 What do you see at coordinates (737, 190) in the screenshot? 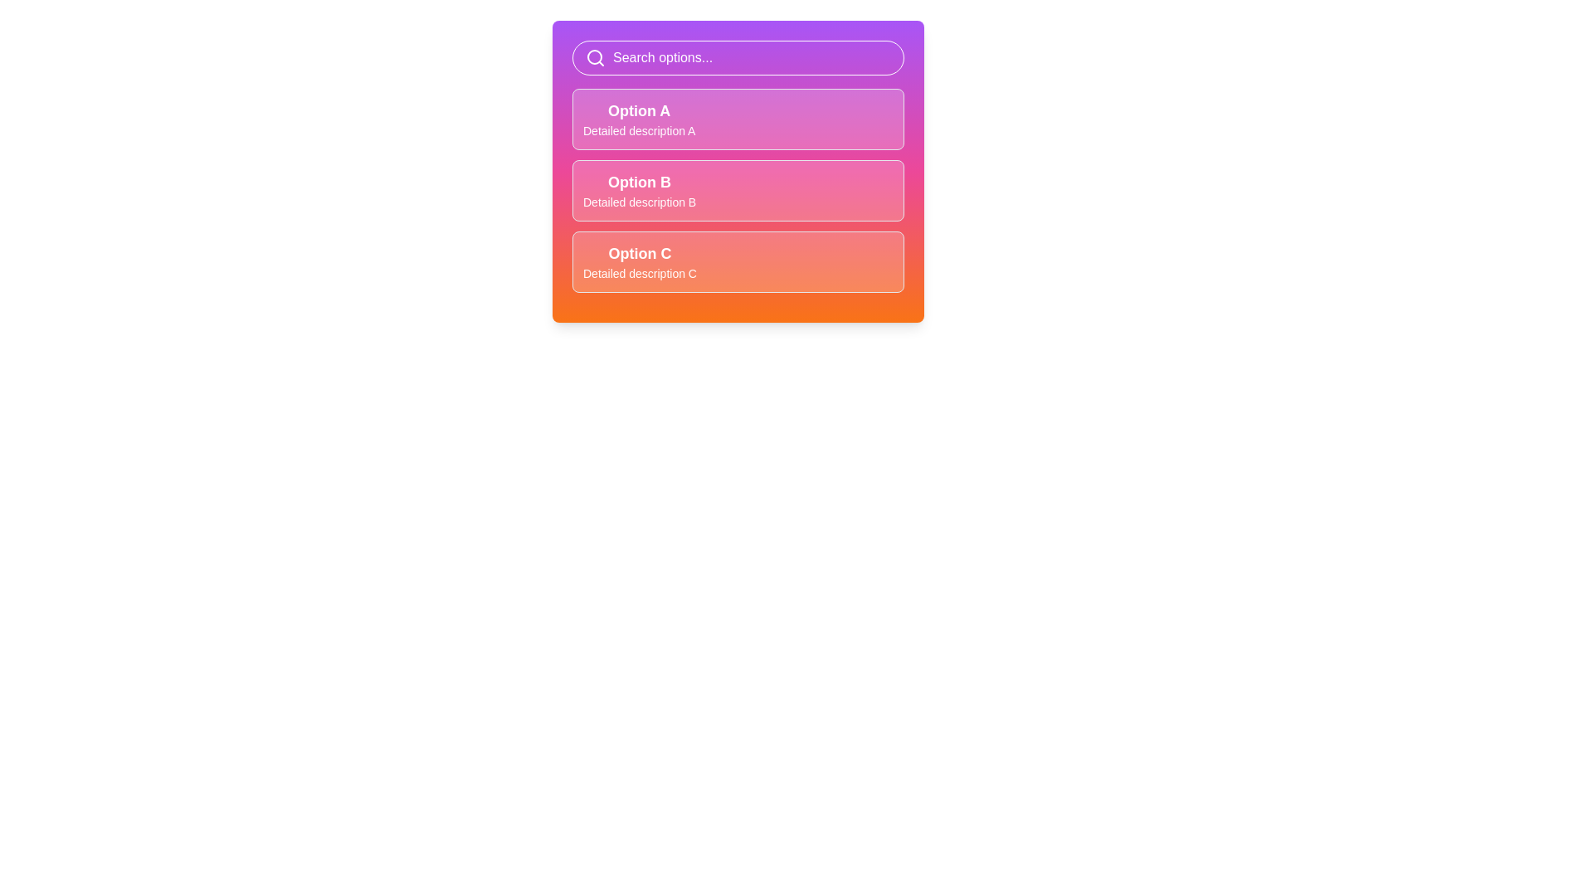
I see `the second item in the vertical list labeled 'Option B'` at bounding box center [737, 190].